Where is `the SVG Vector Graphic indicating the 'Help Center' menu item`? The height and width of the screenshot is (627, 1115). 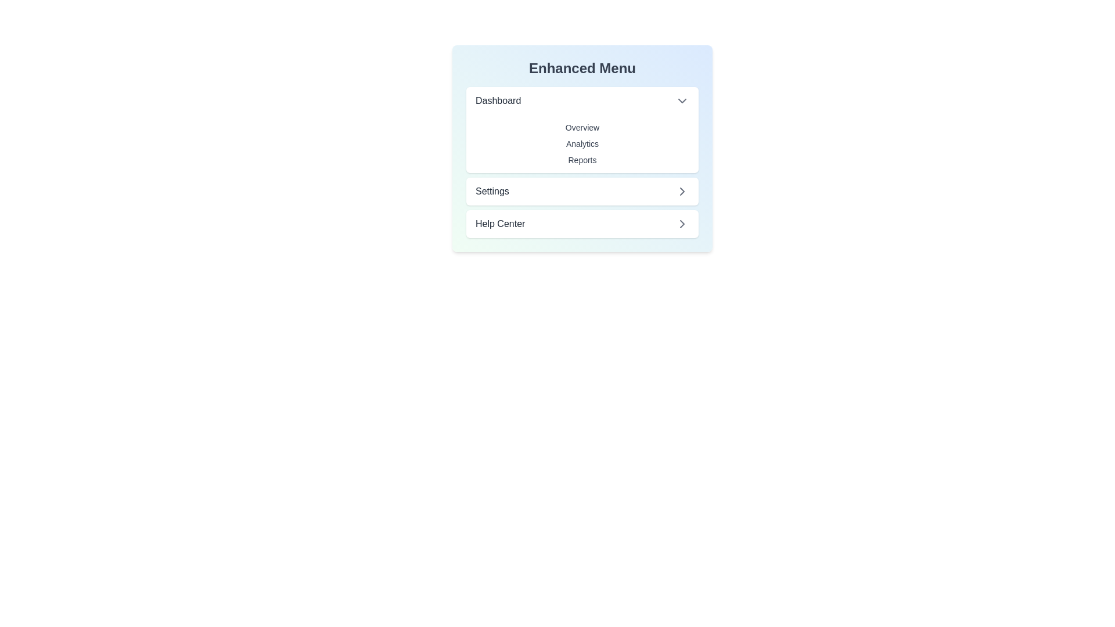
the SVG Vector Graphic indicating the 'Help Center' menu item is located at coordinates (682, 224).